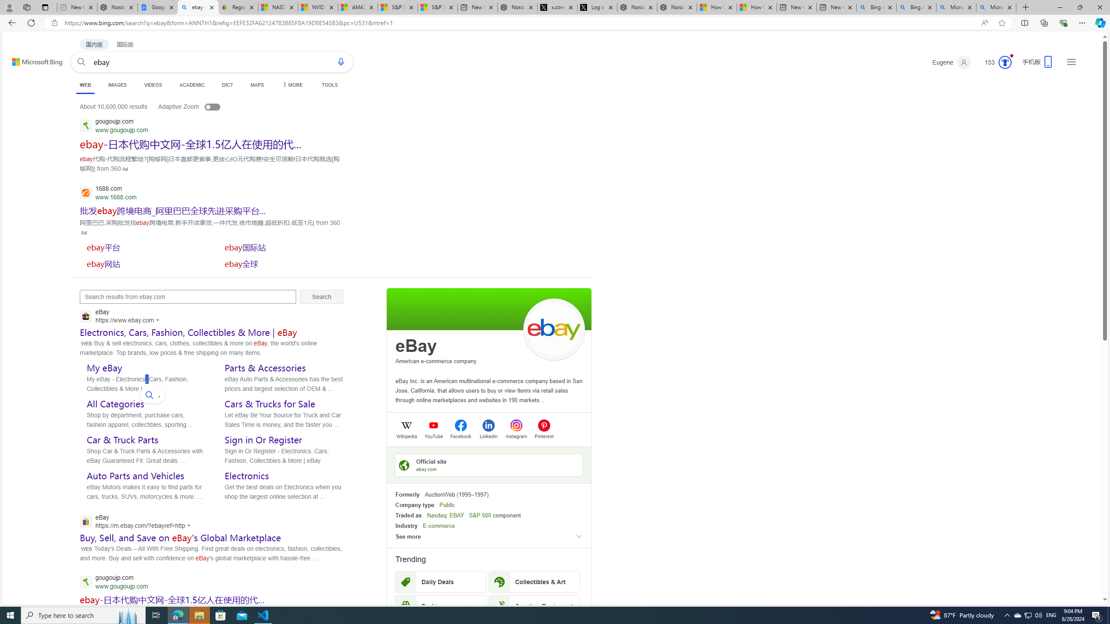 The height and width of the screenshot is (624, 1110). Describe the element at coordinates (951, 62) in the screenshot. I see `'Eugene'` at that location.